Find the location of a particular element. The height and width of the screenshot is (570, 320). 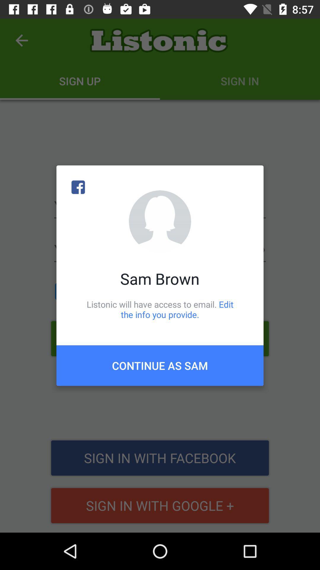

continue as sam item is located at coordinates (160, 365).